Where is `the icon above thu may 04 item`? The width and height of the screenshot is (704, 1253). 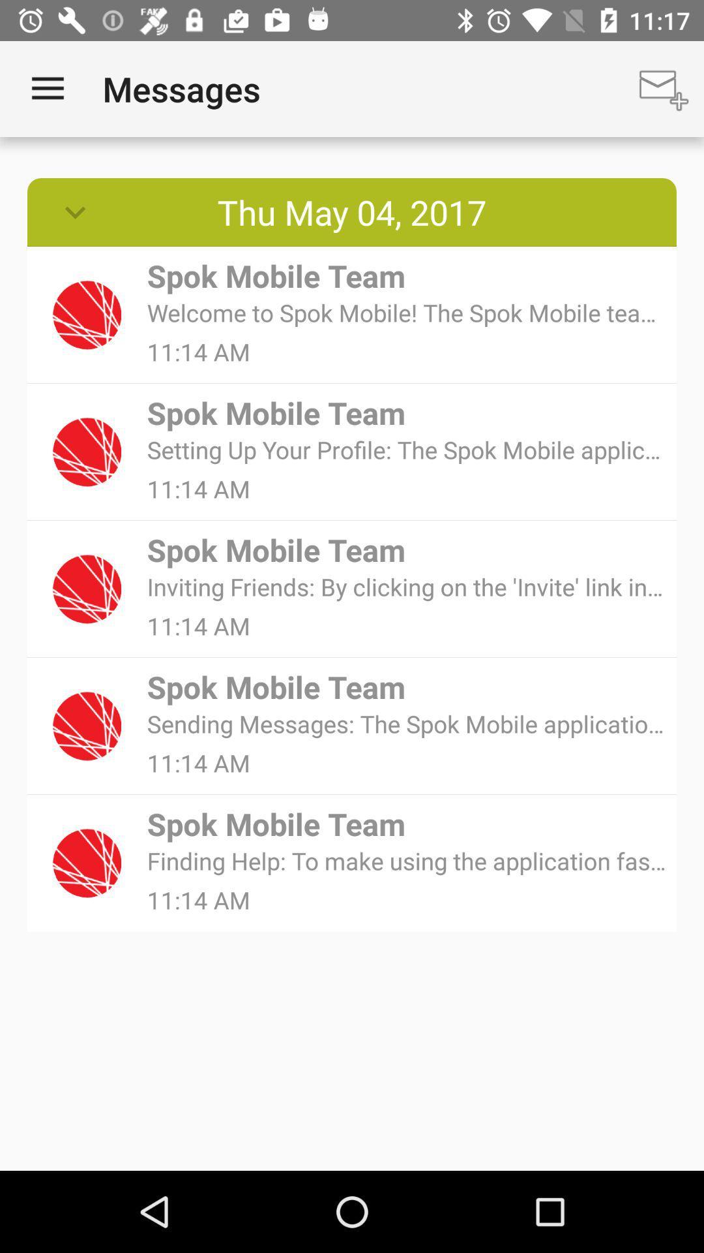 the icon above thu may 04 item is located at coordinates (47, 88).